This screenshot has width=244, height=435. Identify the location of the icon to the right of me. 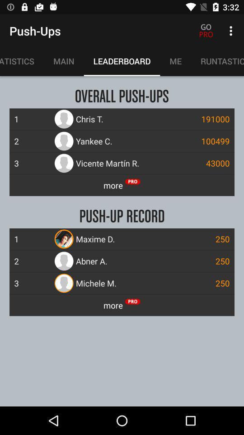
(217, 61).